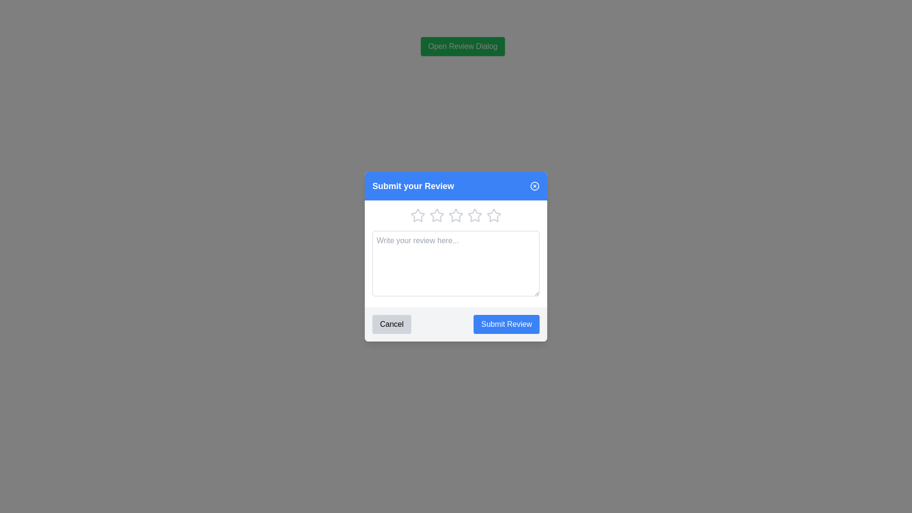  What do you see at coordinates (456, 215) in the screenshot?
I see `the fourth star icon in the rating component` at bounding box center [456, 215].